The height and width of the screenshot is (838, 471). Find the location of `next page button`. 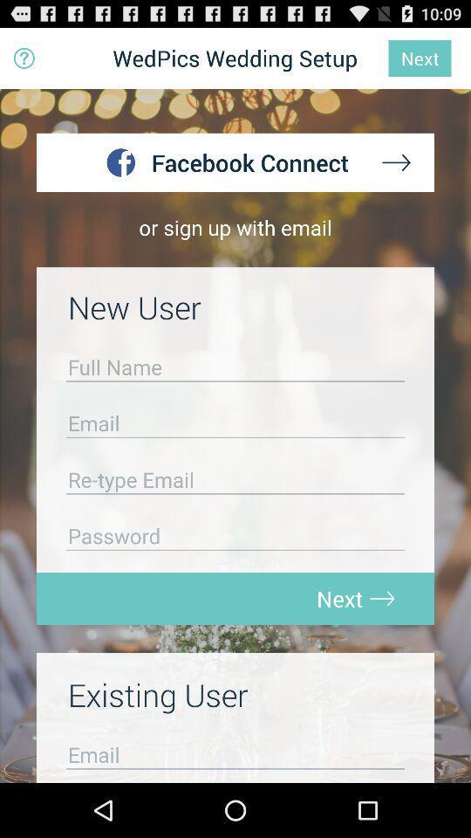

next page button is located at coordinates (395, 162).